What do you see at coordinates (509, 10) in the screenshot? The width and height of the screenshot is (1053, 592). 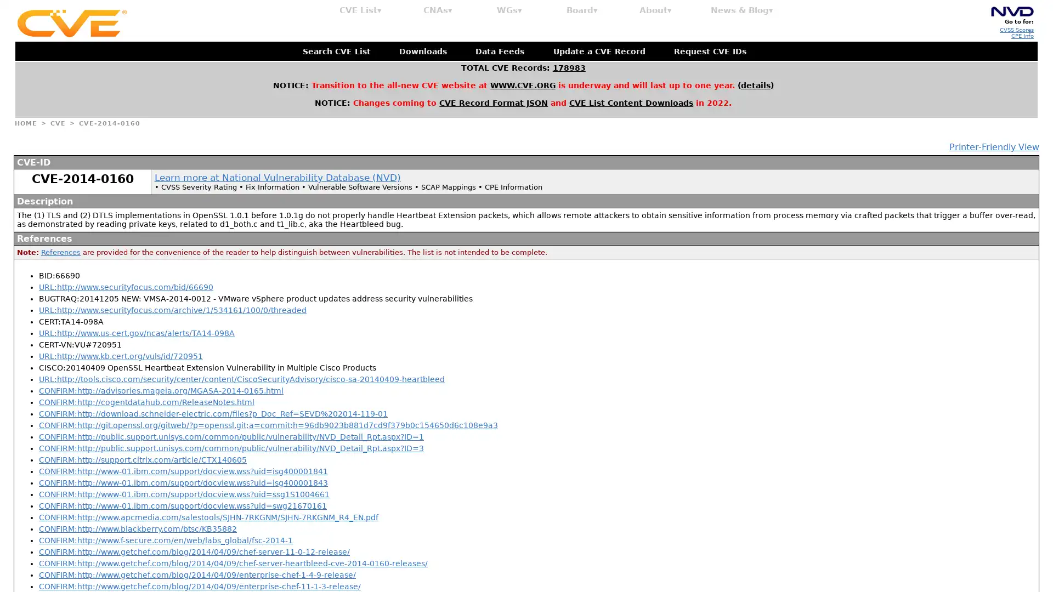 I see `WGs` at bounding box center [509, 10].